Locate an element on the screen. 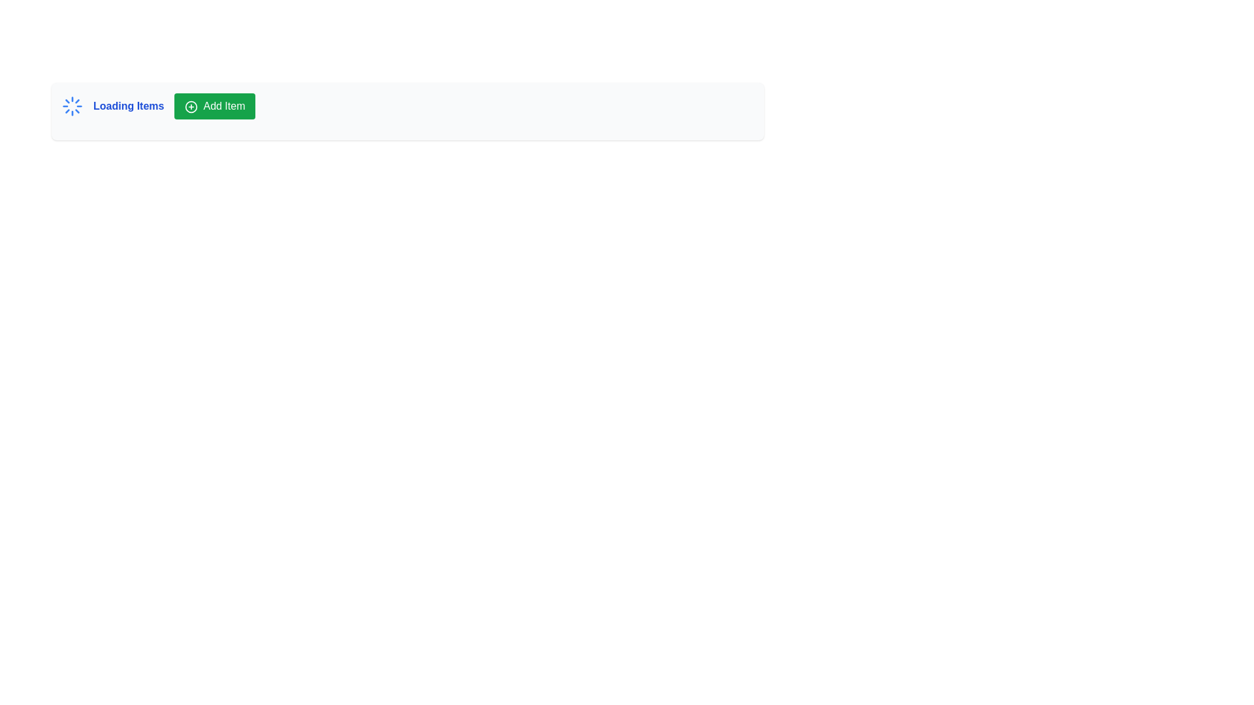 Image resolution: width=1254 pixels, height=705 pixels. the green rectangular button labeled 'Add Item' with a plus icon is located at coordinates (215, 105).